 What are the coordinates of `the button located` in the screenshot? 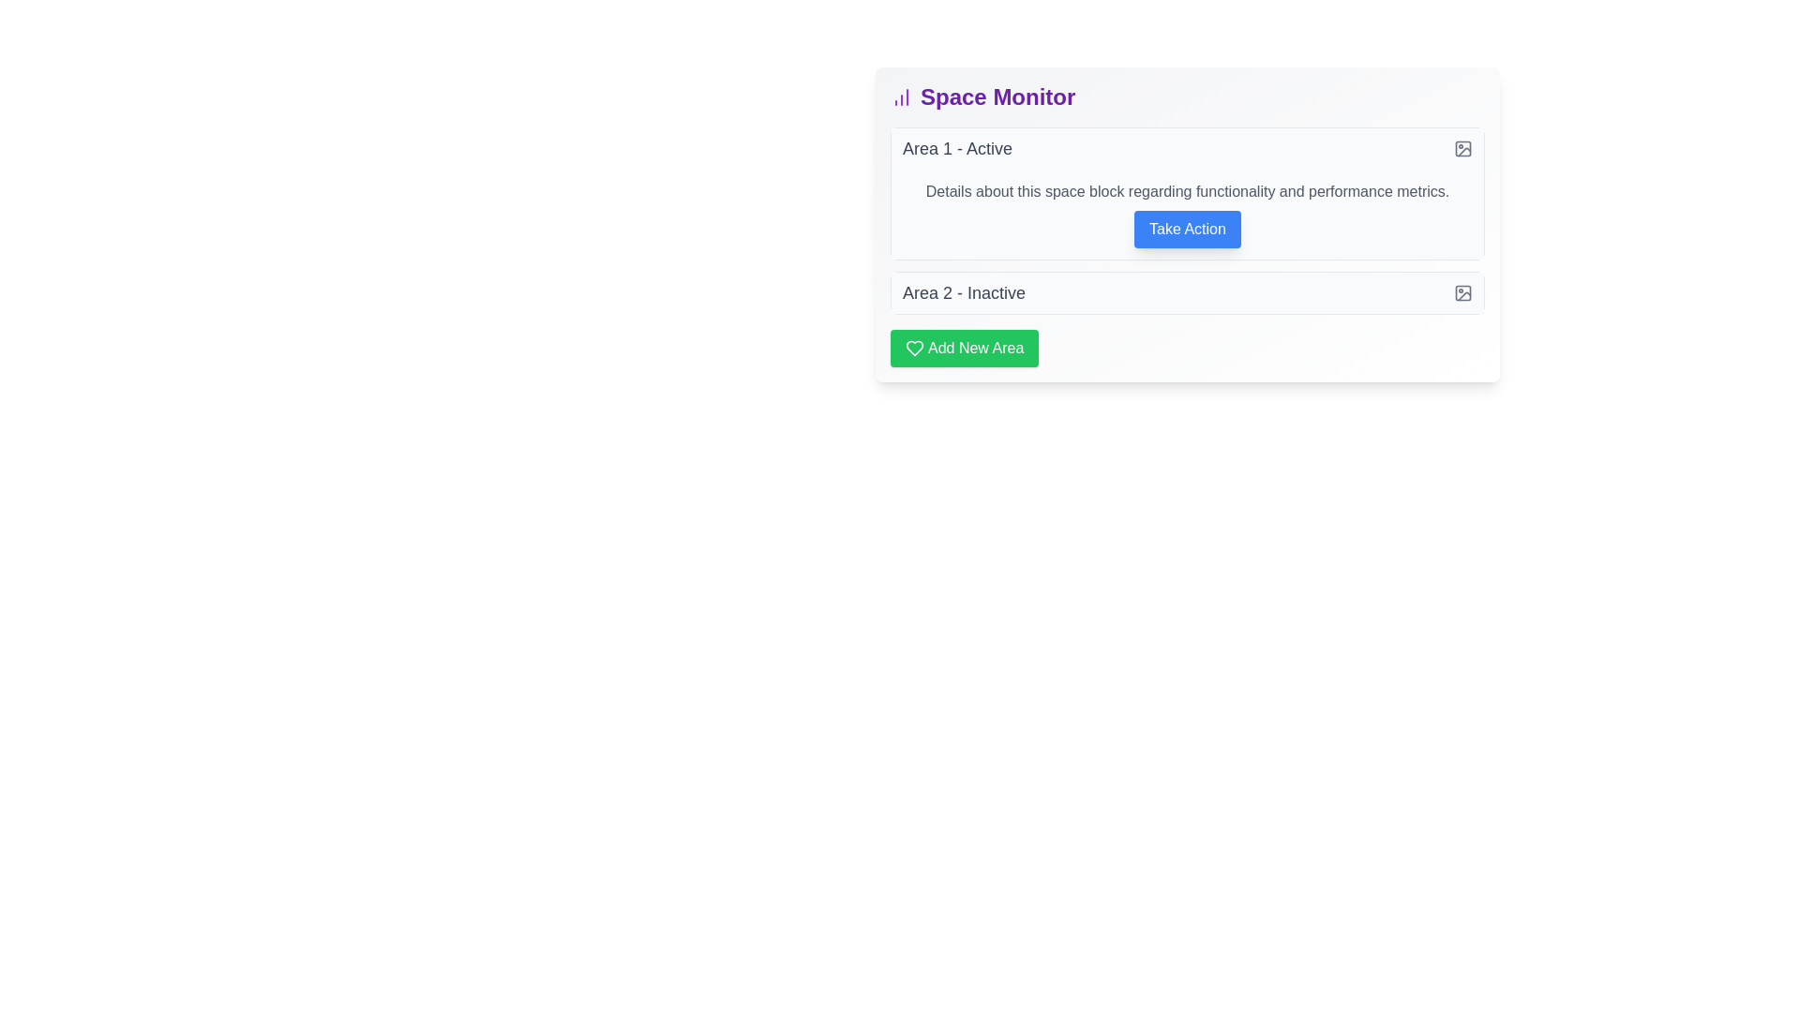 It's located at (1187, 229).